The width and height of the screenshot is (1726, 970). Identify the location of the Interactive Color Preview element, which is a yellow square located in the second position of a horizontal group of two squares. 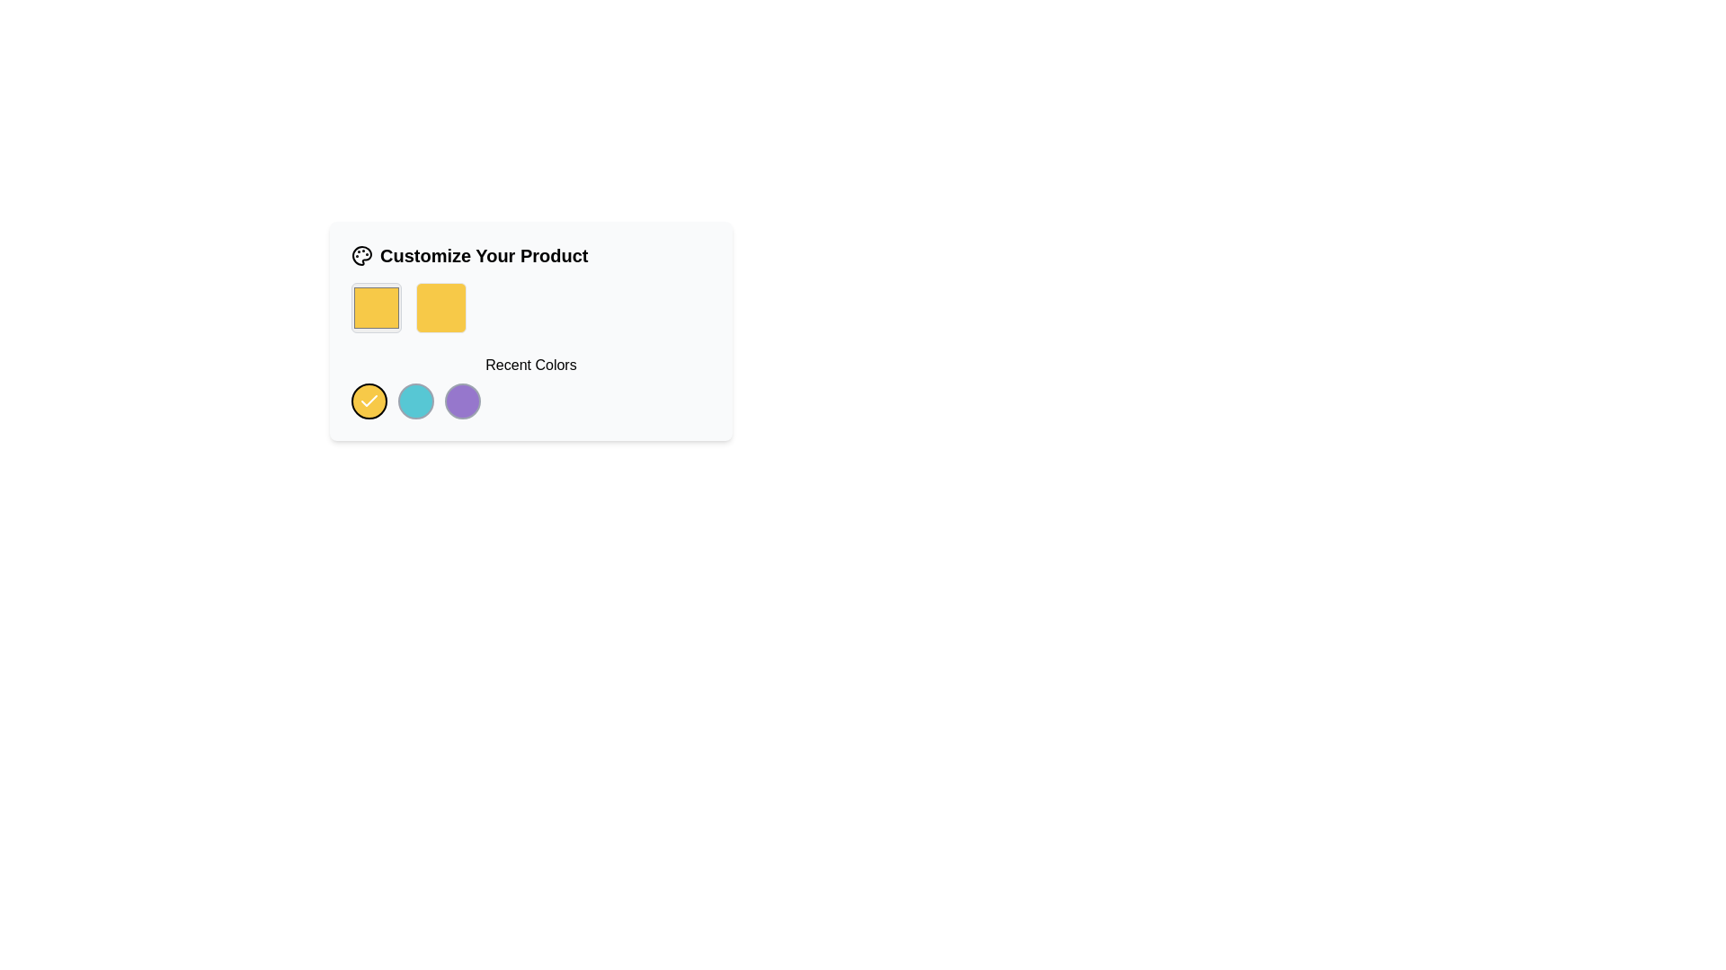
(440, 307).